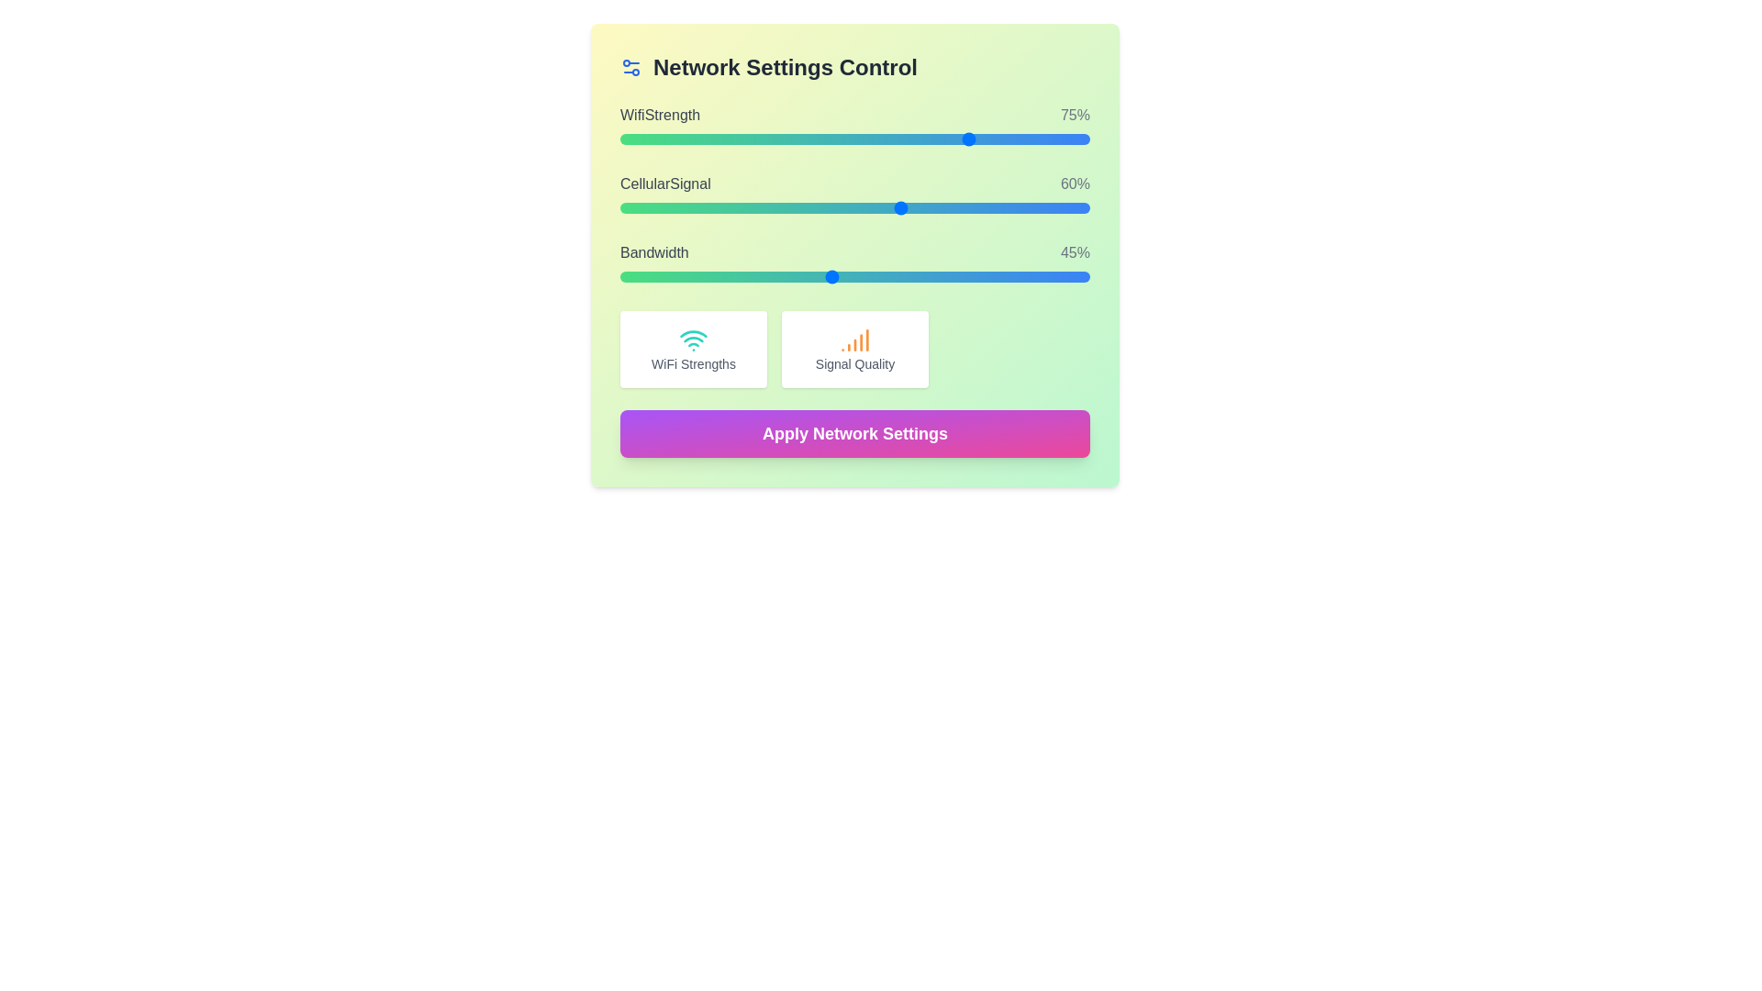 The image size is (1762, 991). Describe the element at coordinates (808, 276) in the screenshot. I see `the bandwidth slider` at that location.